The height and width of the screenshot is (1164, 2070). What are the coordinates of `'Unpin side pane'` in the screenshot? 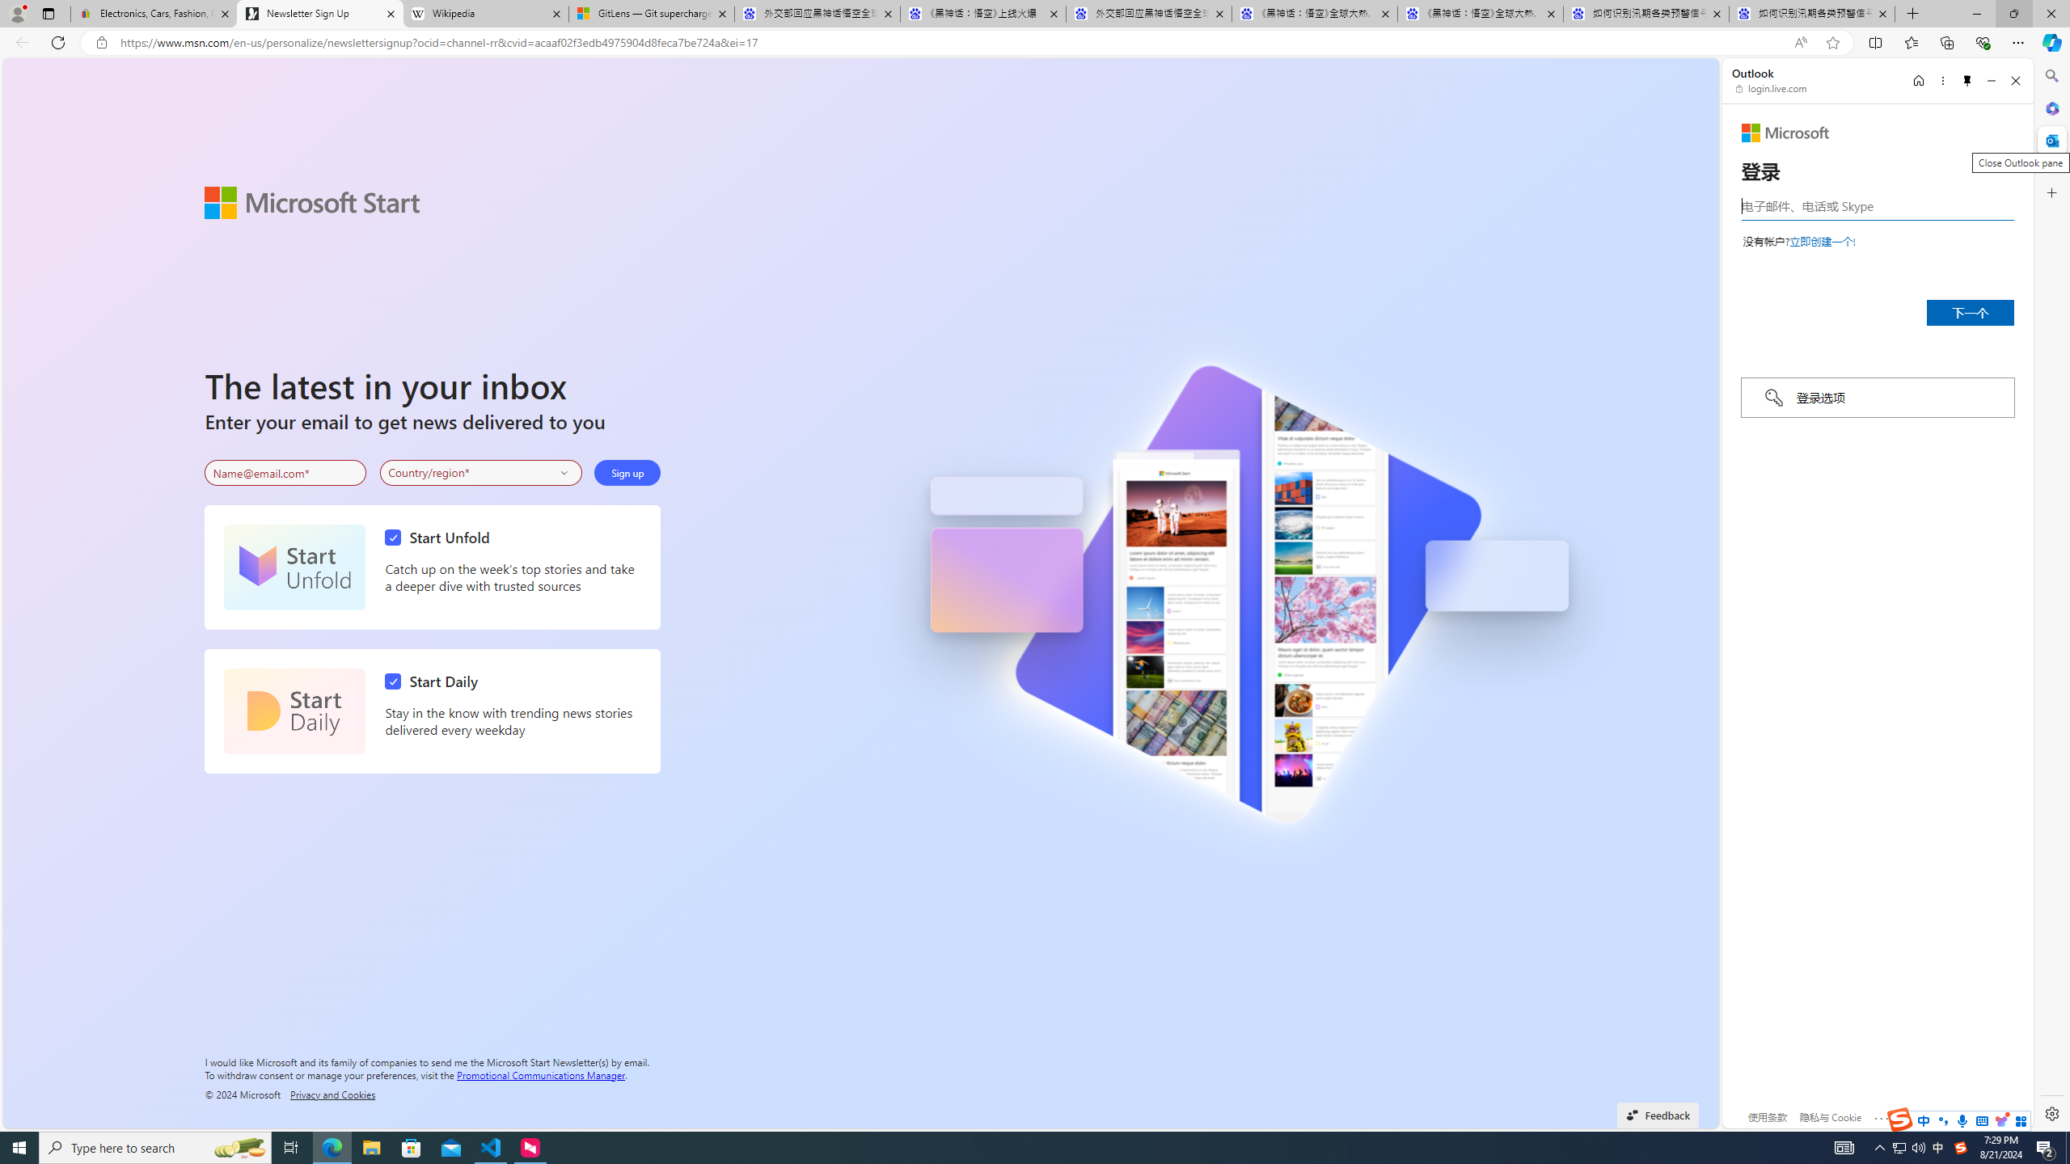 It's located at (1967, 80).